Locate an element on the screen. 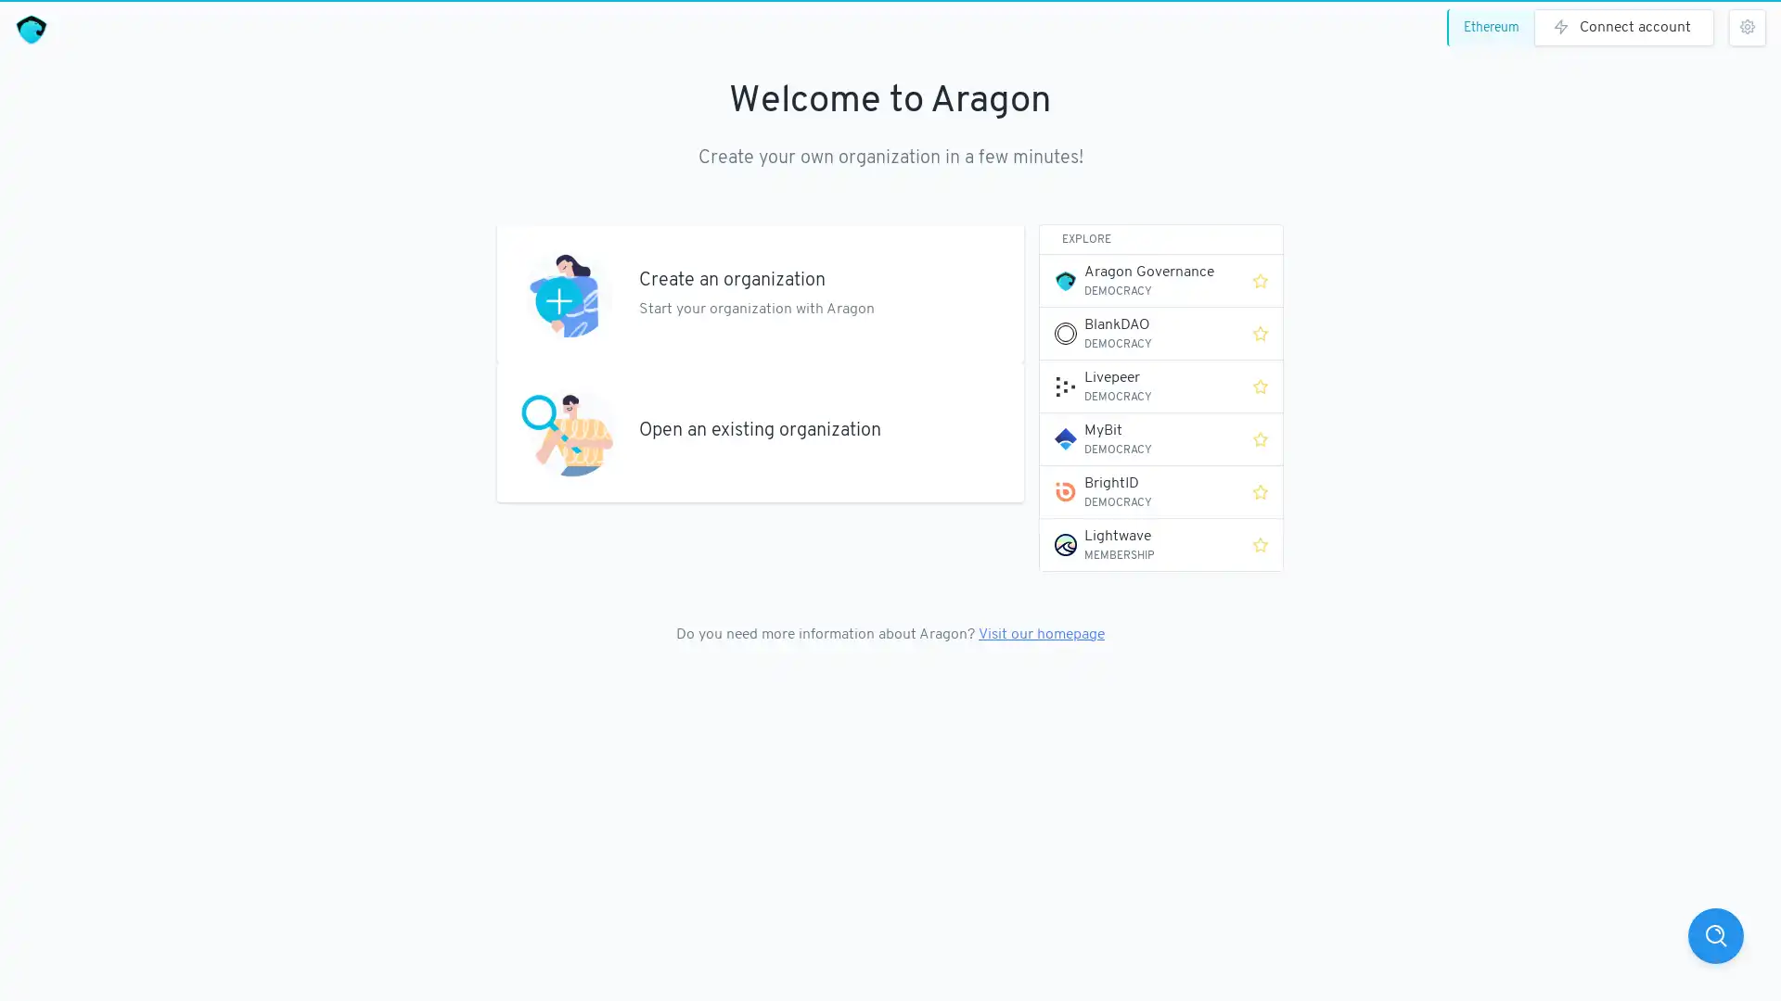 This screenshot has width=1781, height=1001. BlankDAO DEMOCRACY is located at coordinates (1138, 332).